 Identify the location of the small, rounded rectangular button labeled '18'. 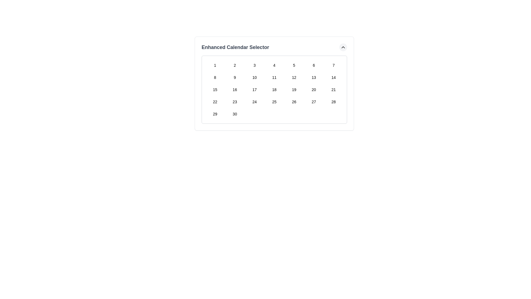
(274, 89).